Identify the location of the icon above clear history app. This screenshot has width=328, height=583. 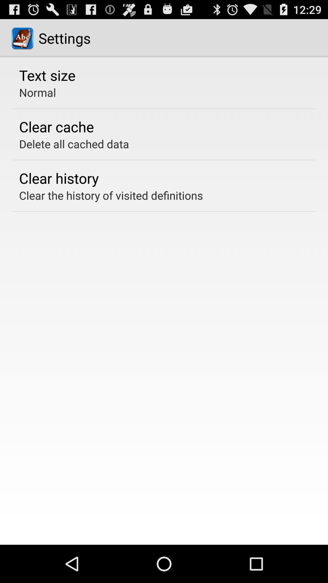
(74, 144).